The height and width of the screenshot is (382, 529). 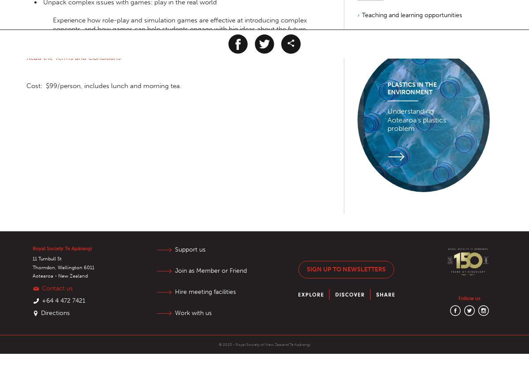 What do you see at coordinates (469, 298) in the screenshot?
I see `'Follow us'` at bounding box center [469, 298].